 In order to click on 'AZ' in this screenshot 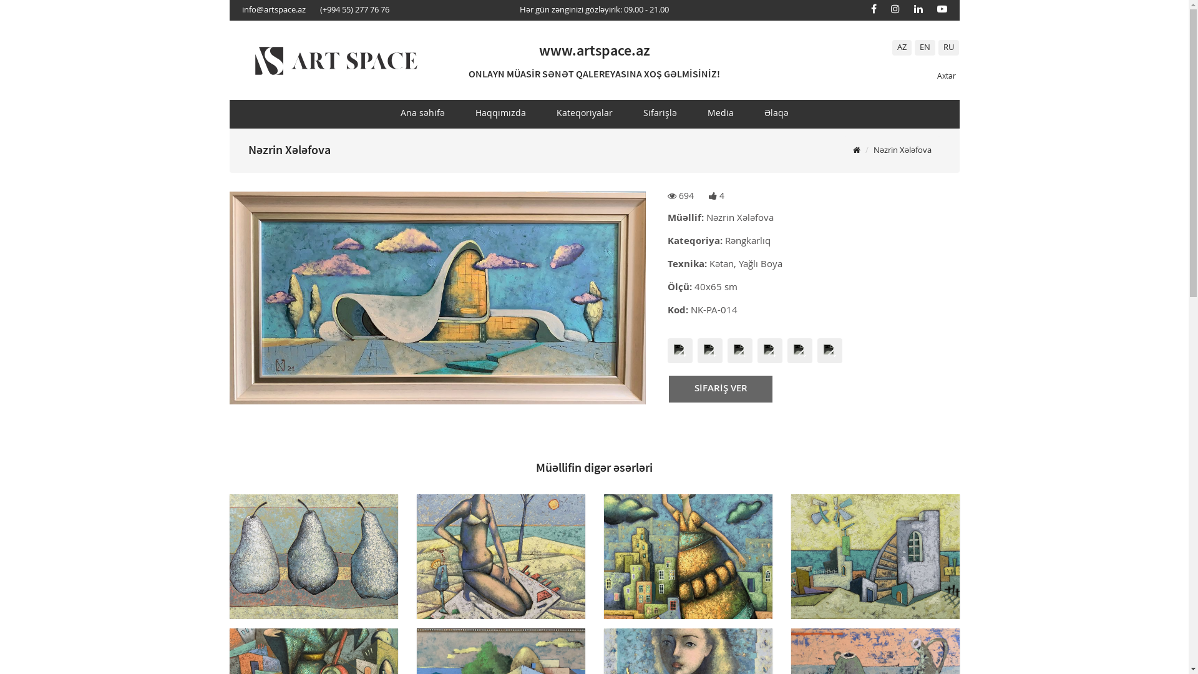, I will do `click(902, 47)`.